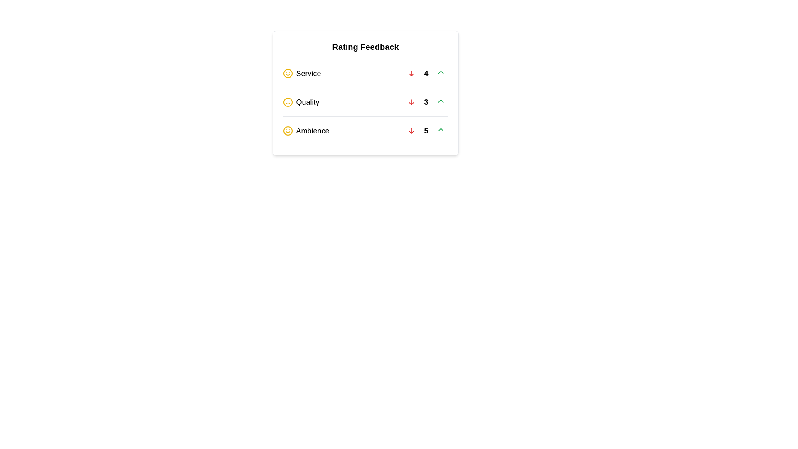 The image size is (798, 449). I want to click on the red downward-pointing arrow button located next to the 'Service' label and the score '4' in the rating feedback section, so click(411, 73).